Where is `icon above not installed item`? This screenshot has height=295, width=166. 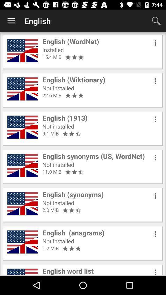 icon above not installed item is located at coordinates (73, 232).